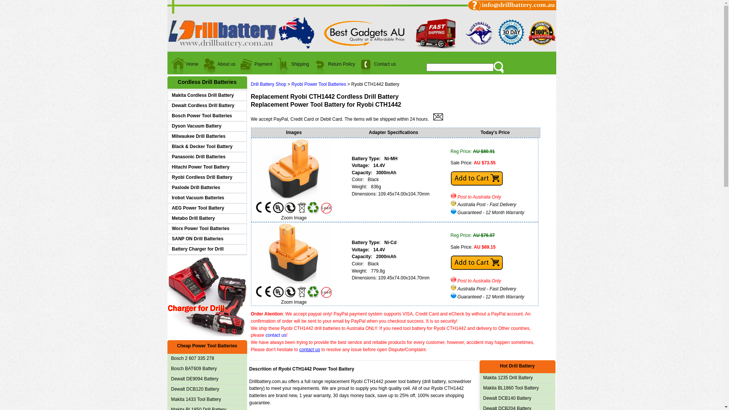  Describe the element at coordinates (167, 136) in the screenshot. I see `'Milwaukee Drill Batteries'` at that location.